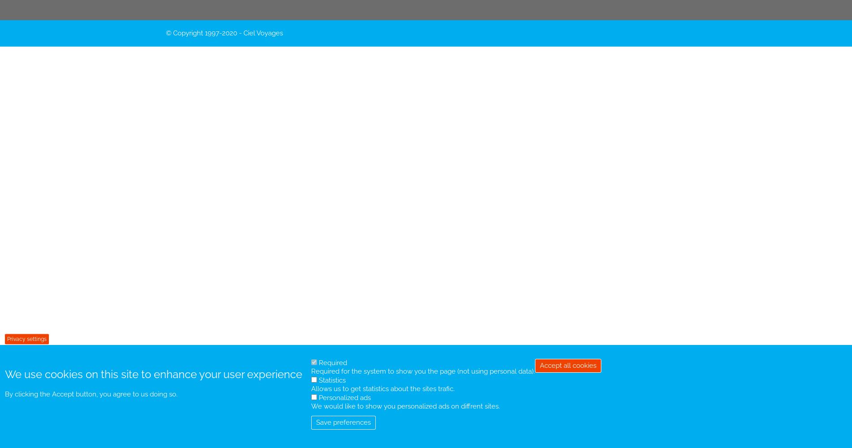 This screenshot has height=448, width=852. Describe the element at coordinates (567, 365) in the screenshot. I see `'Accept all cookies'` at that location.